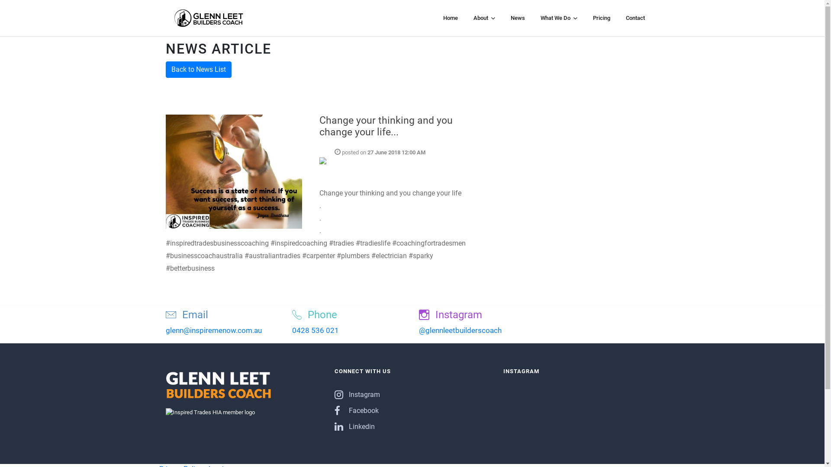 Image resolution: width=831 pixels, height=467 pixels. What do you see at coordinates (315, 330) in the screenshot?
I see `'0428 536 021'` at bounding box center [315, 330].